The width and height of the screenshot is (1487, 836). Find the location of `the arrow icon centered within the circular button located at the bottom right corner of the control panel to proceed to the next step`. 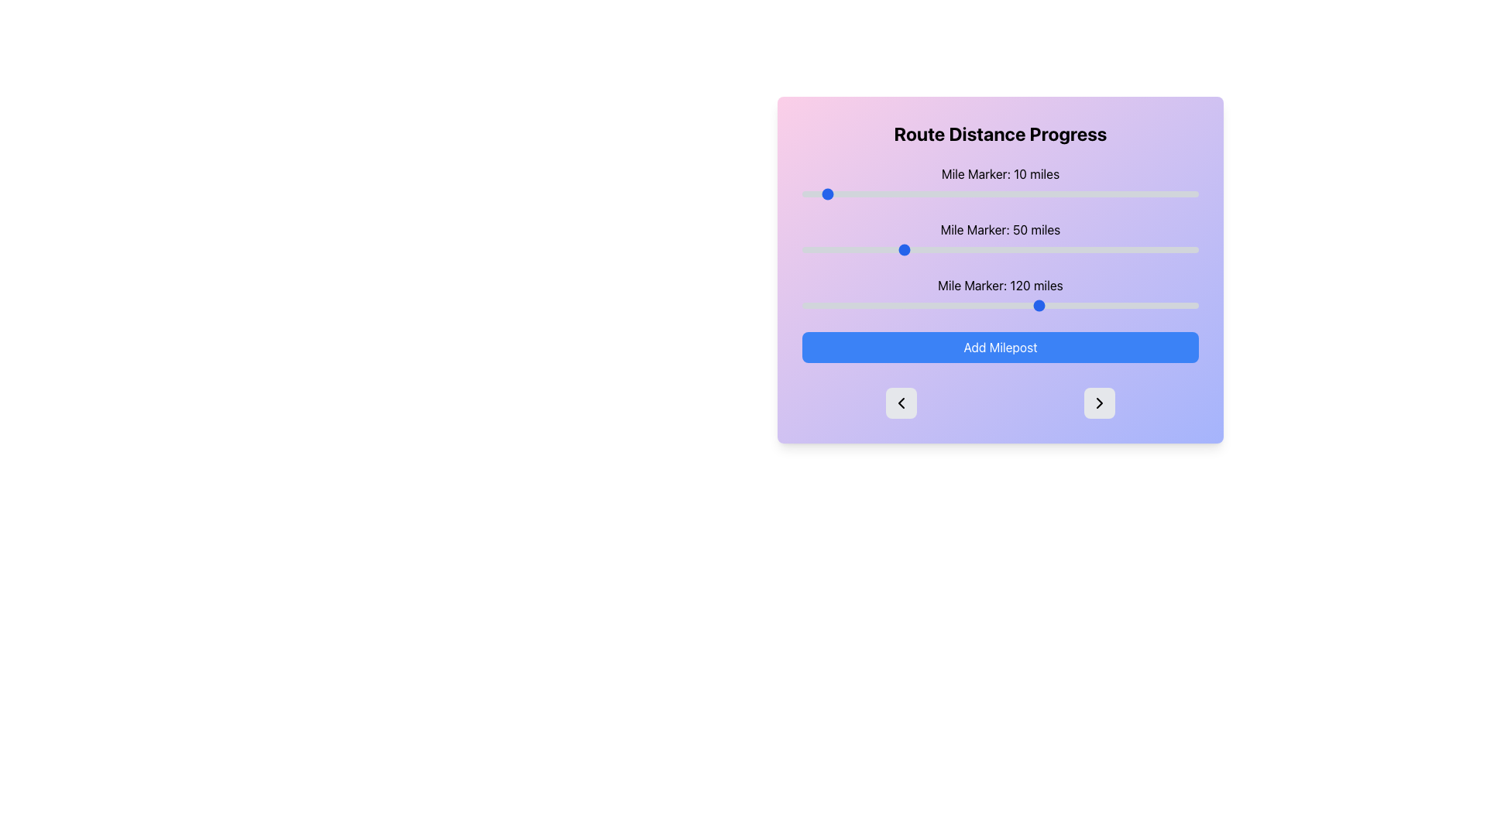

the arrow icon centered within the circular button located at the bottom right corner of the control panel to proceed to the next step is located at coordinates (1099, 402).